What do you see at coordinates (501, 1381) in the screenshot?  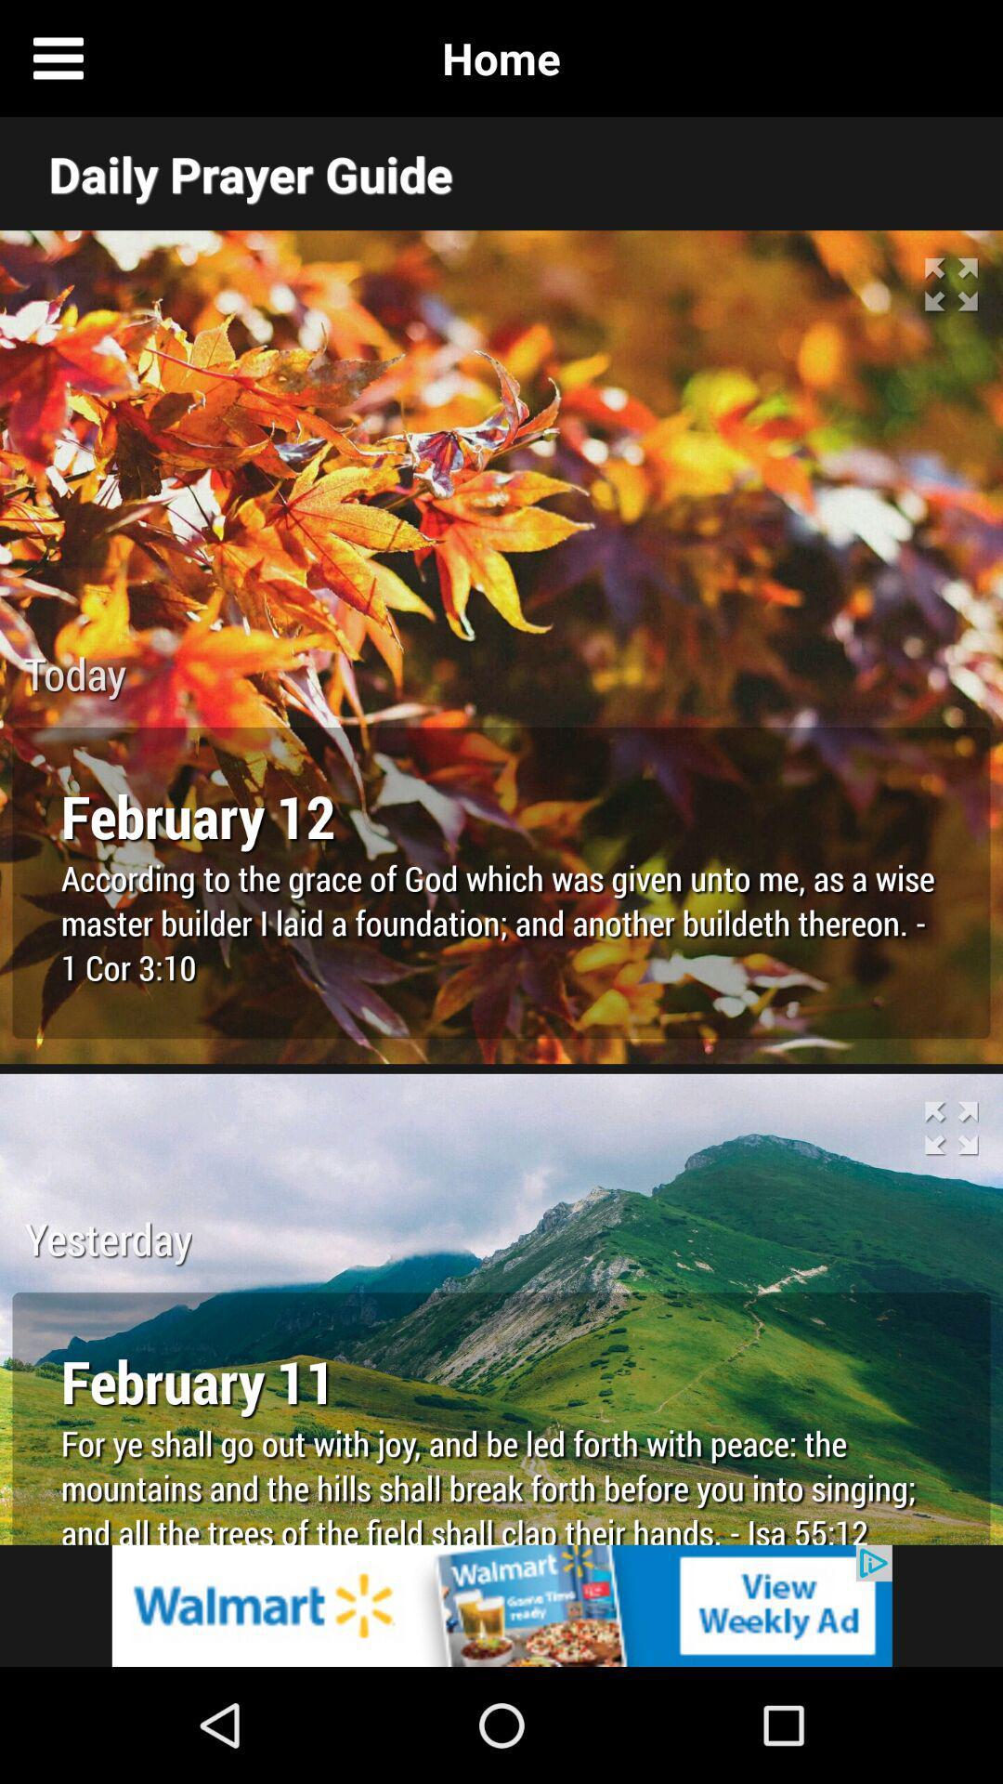 I see `the text below yesterday` at bounding box center [501, 1381].